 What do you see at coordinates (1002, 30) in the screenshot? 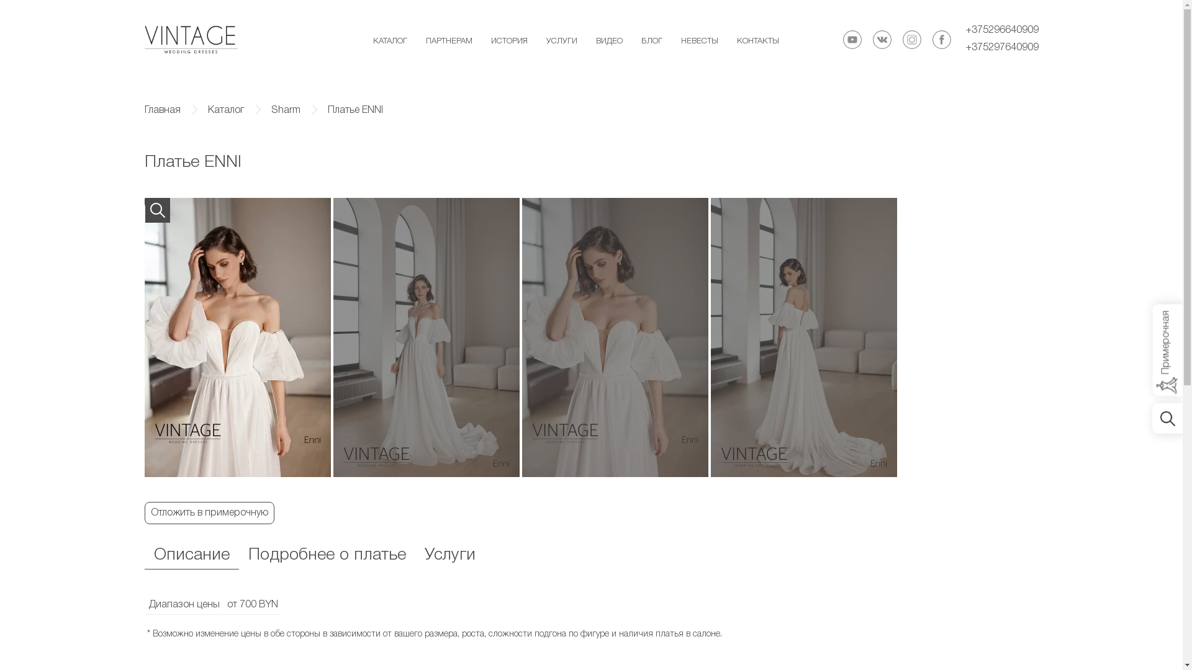
I see `'+375296640909'` at bounding box center [1002, 30].